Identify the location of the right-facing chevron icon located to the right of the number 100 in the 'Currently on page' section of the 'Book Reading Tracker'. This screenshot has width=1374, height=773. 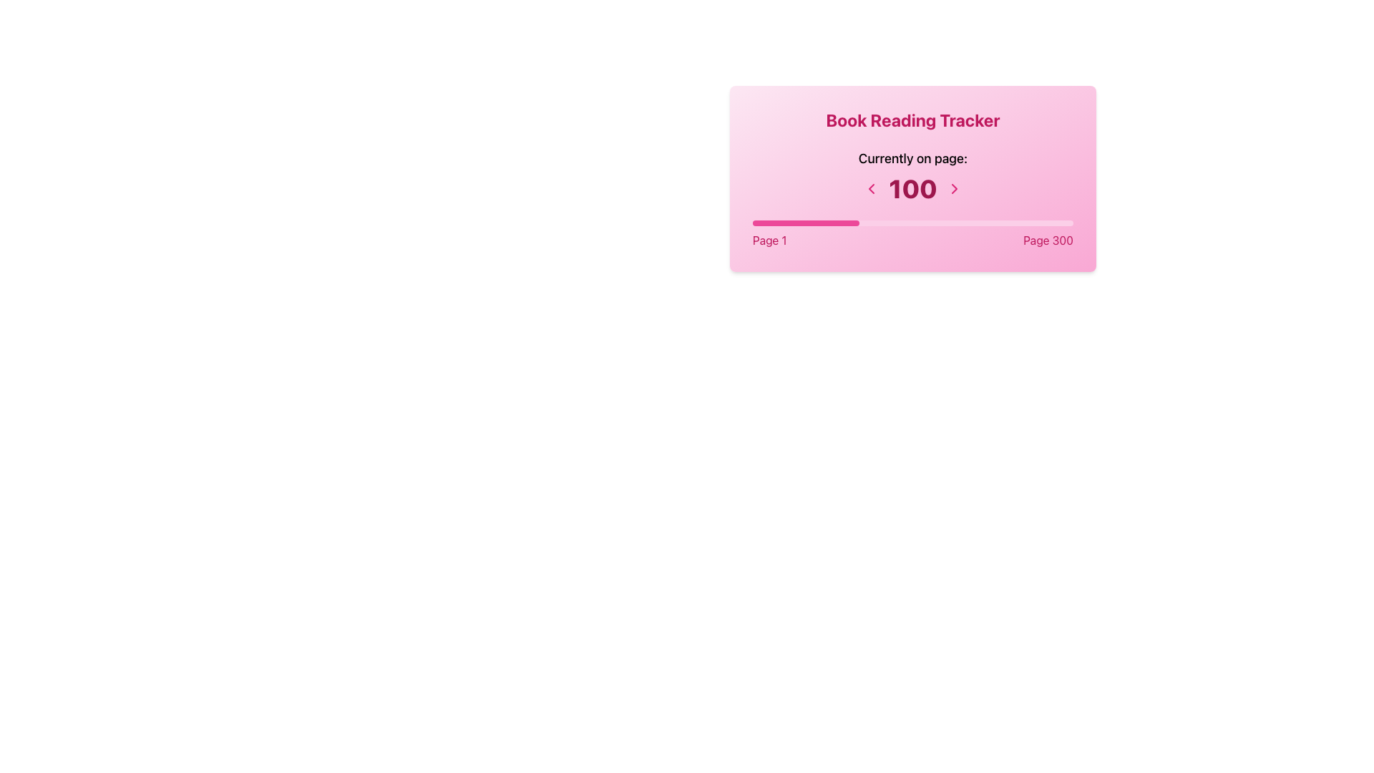
(954, 188).